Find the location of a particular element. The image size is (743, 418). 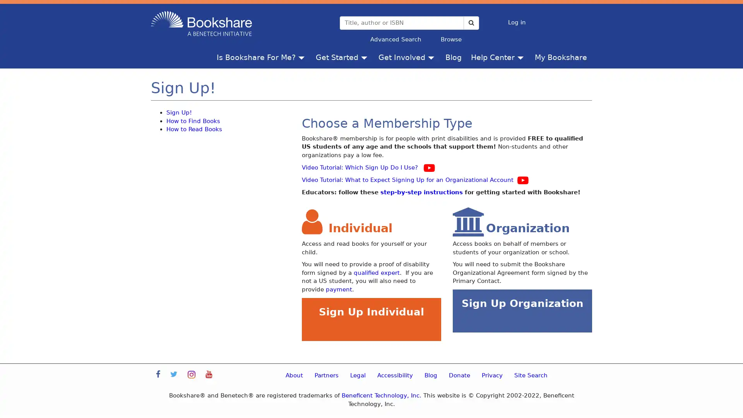

Help Center menu is located at coordinates (522, 57).